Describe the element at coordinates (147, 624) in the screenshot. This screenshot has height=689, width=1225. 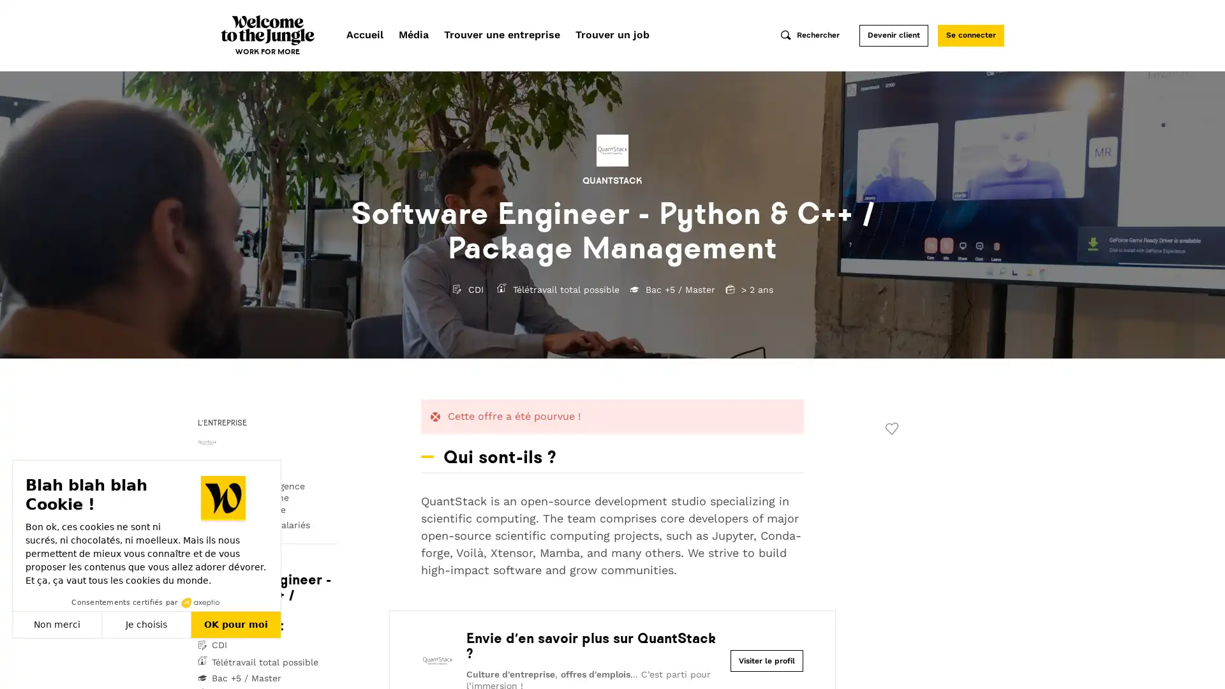
I see `Je choisis` at that location.